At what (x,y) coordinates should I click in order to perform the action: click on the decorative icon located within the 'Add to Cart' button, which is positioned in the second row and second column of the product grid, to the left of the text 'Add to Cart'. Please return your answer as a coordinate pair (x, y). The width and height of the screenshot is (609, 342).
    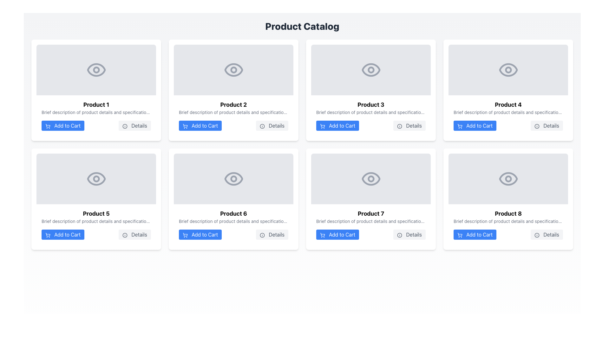
    Looking at the image, I should click on (185, 235).